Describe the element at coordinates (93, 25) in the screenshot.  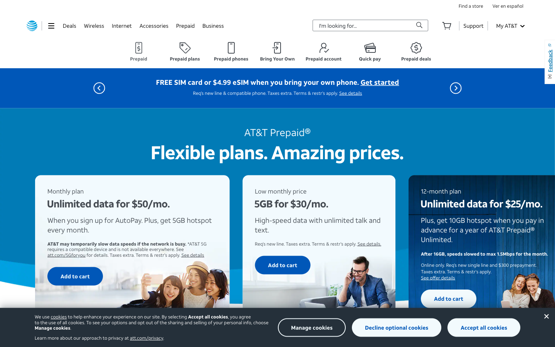
I see `View the "Wireless" tab` at that location.